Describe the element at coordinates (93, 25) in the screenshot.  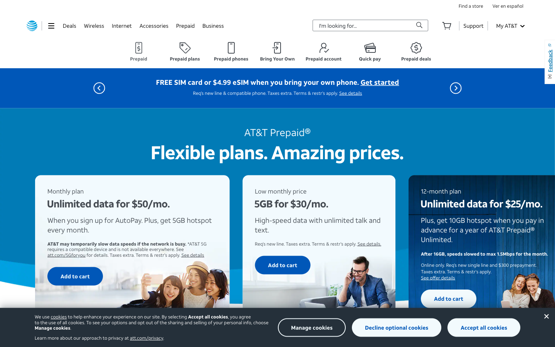
I see `View the "Wireless" tab` at that location.